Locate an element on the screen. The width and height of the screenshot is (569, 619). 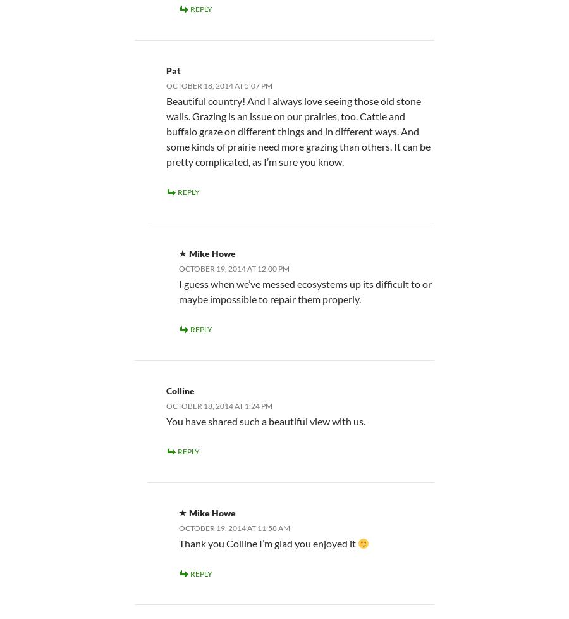
'October 18, 2014 at 1:24 pm' is located at coordinates (219, 405).